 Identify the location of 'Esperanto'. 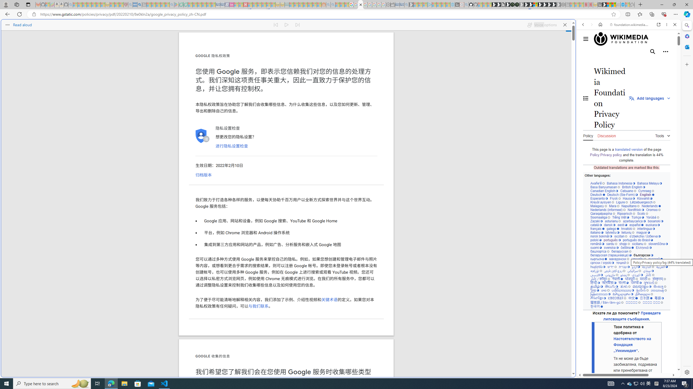
(599, 198).